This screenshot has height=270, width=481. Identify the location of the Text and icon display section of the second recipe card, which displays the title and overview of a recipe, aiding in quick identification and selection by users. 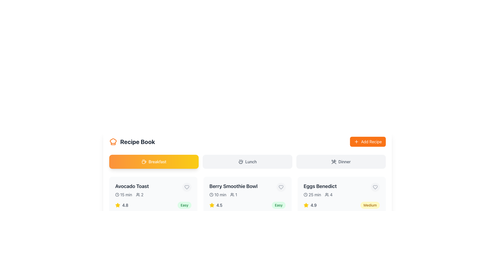
(248, 190).